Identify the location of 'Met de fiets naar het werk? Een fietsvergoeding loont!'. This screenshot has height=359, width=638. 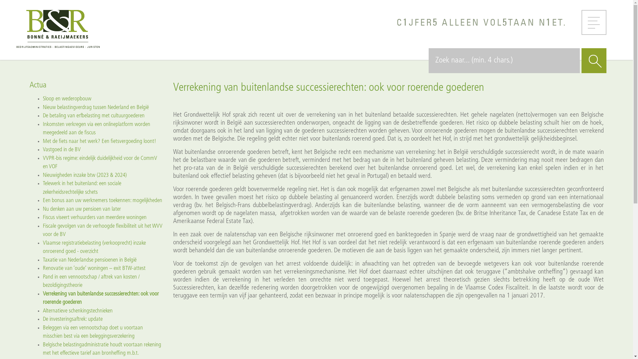
(99, 141).